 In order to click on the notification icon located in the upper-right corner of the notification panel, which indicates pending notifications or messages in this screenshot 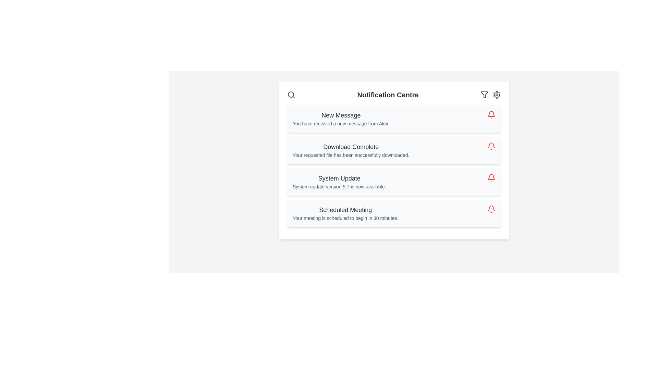, I will do `click(491, 145)`.